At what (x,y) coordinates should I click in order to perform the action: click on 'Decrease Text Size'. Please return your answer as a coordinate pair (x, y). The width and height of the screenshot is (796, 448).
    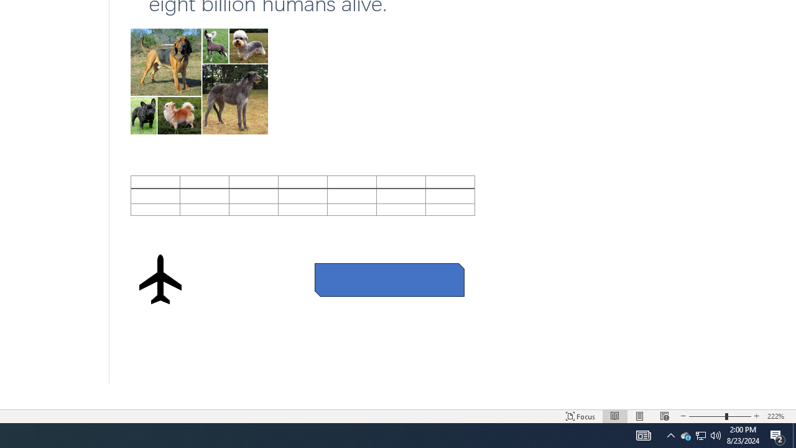
    Looking at the image, I should click on (683, 416).